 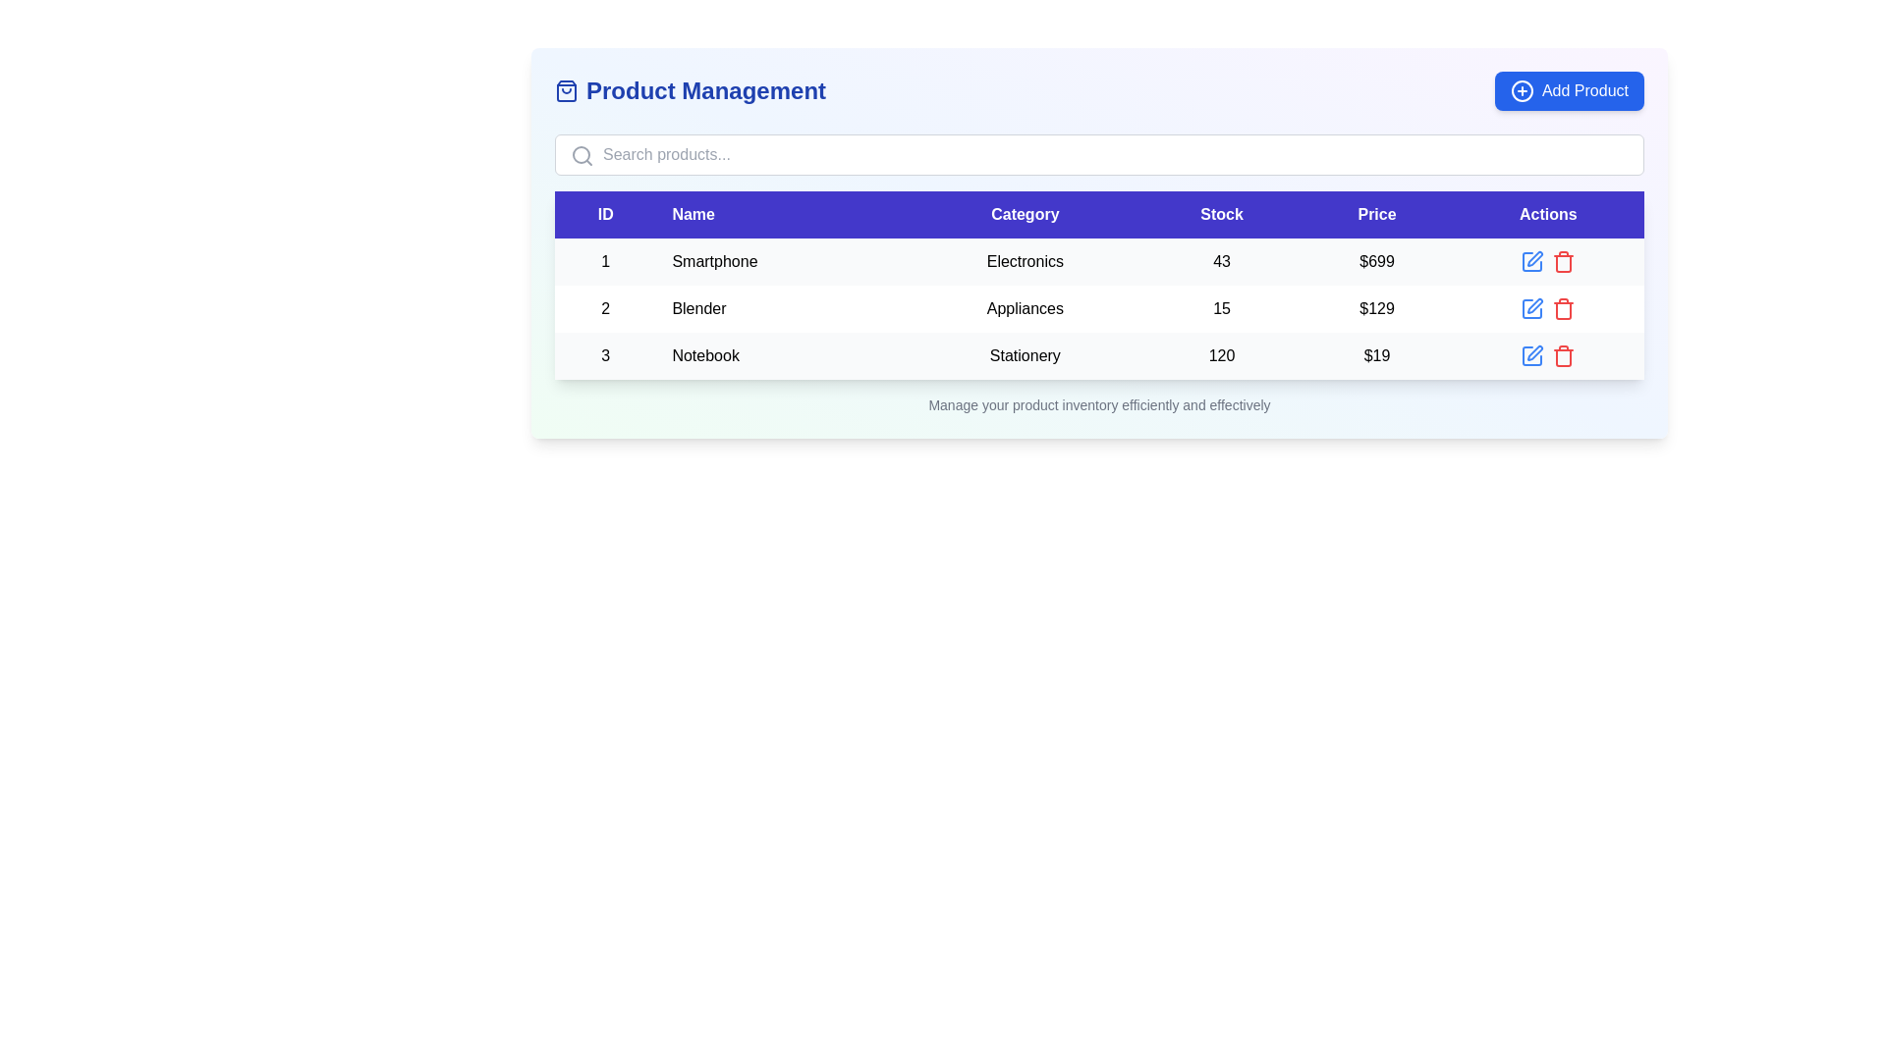 I want to click on the Text Display showing the number '43' in black text, located, so click(x=1220, y=260).